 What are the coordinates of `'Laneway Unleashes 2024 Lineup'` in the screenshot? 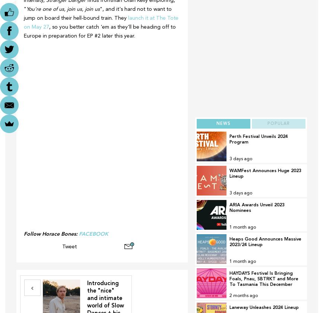 It's located at (263, 307).